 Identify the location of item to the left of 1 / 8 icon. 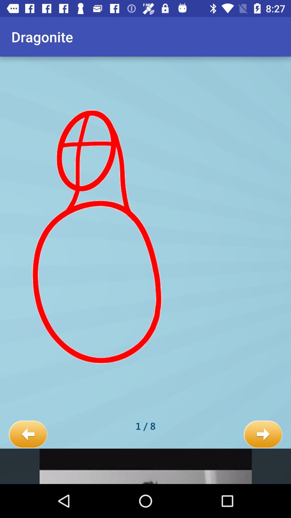
(28, 434).